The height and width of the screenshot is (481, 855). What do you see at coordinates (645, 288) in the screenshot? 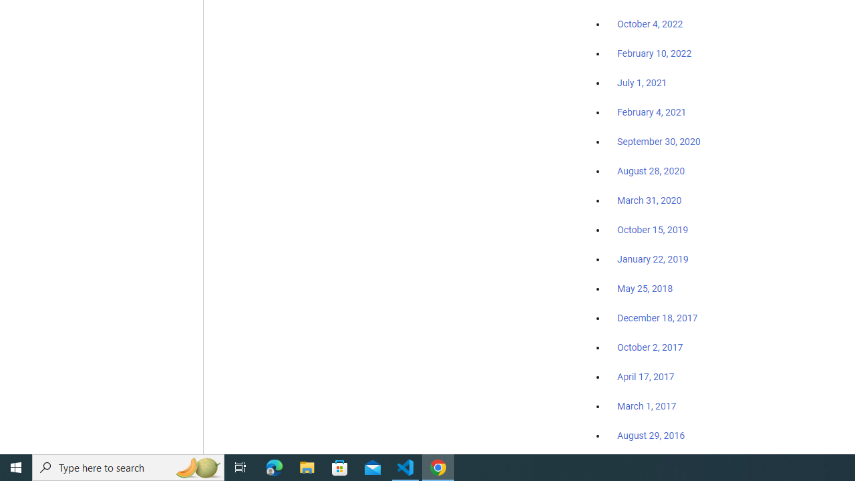
I see `'May 25, 2018'` at bounding box center [645, 288].